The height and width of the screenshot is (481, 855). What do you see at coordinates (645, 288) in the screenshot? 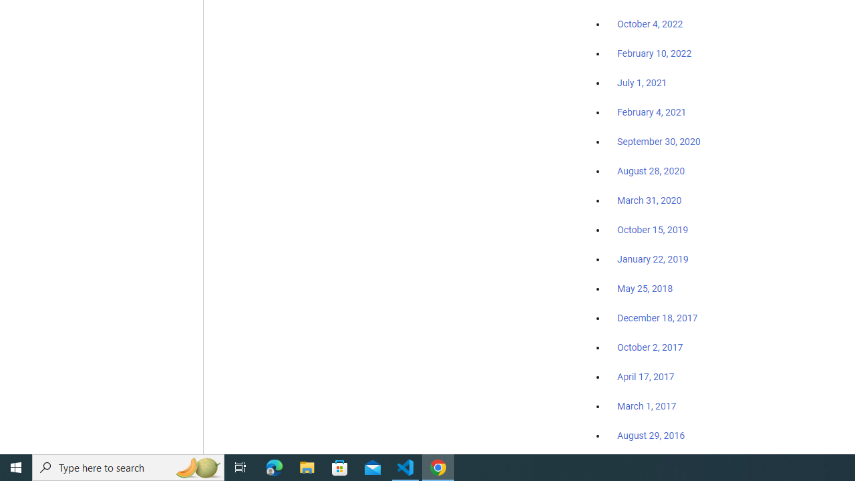
I see `'May 25, 2018'` at bounding box center [645, 288].